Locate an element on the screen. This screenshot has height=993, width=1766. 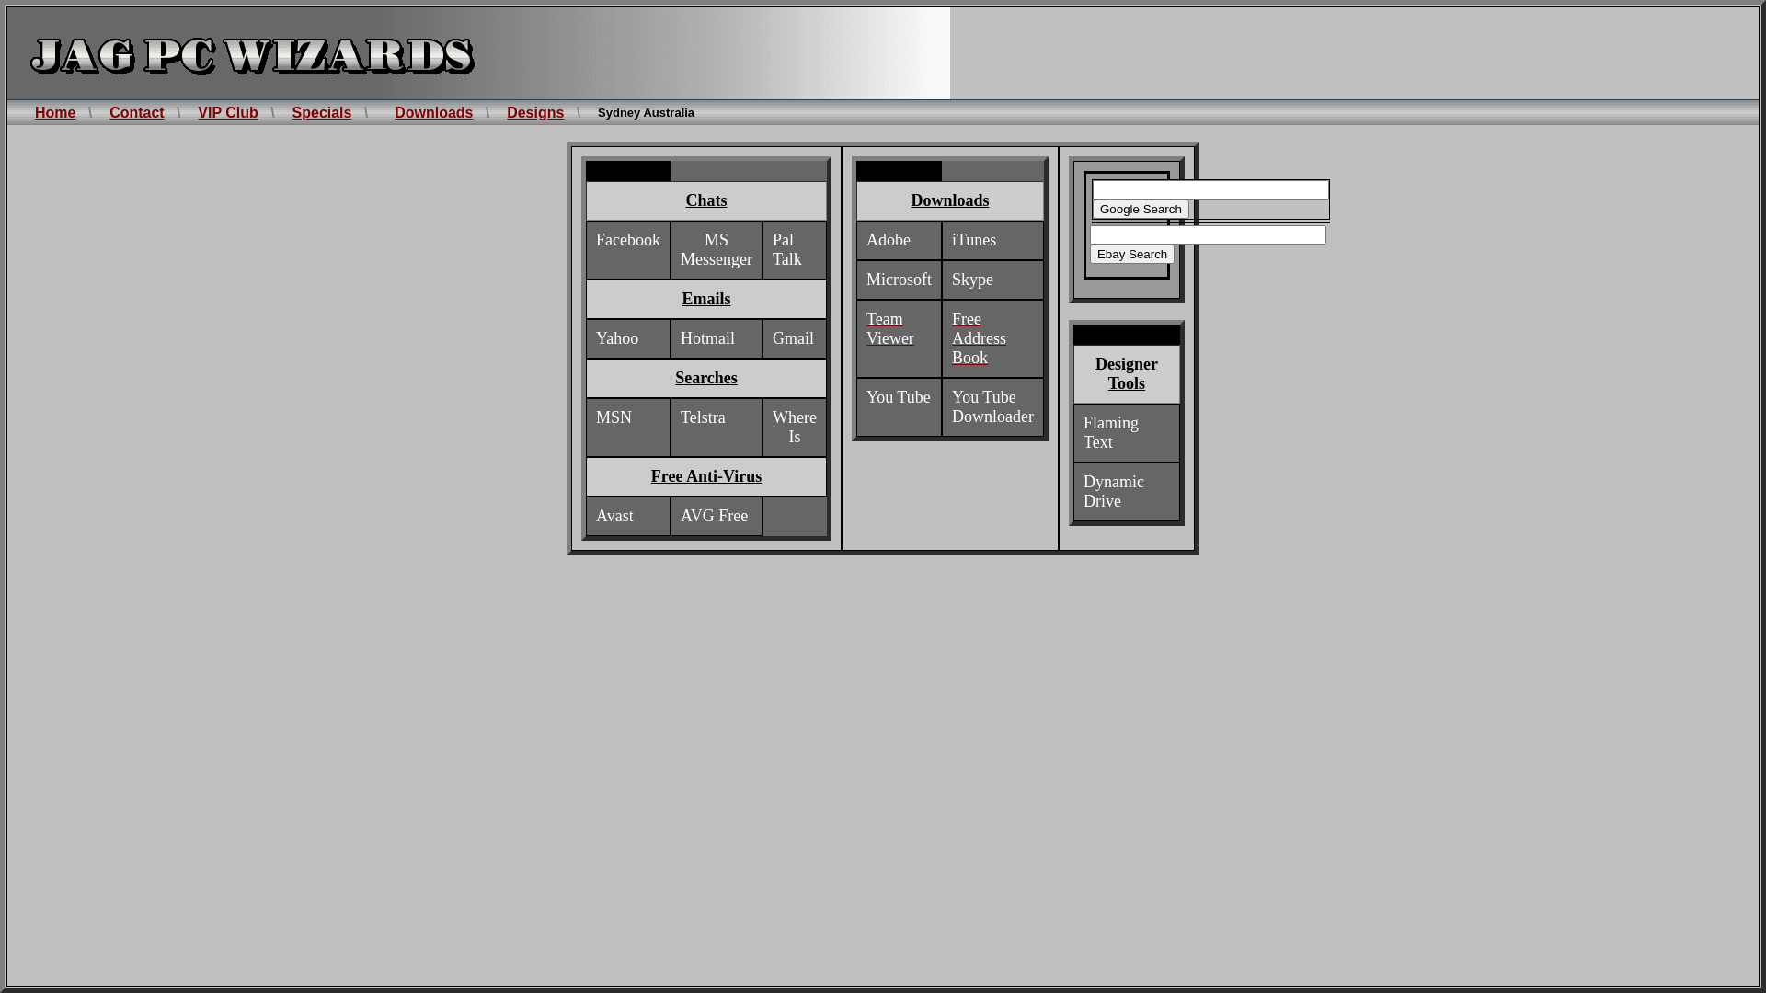
'You Tube is located at coordinates (992, 406).